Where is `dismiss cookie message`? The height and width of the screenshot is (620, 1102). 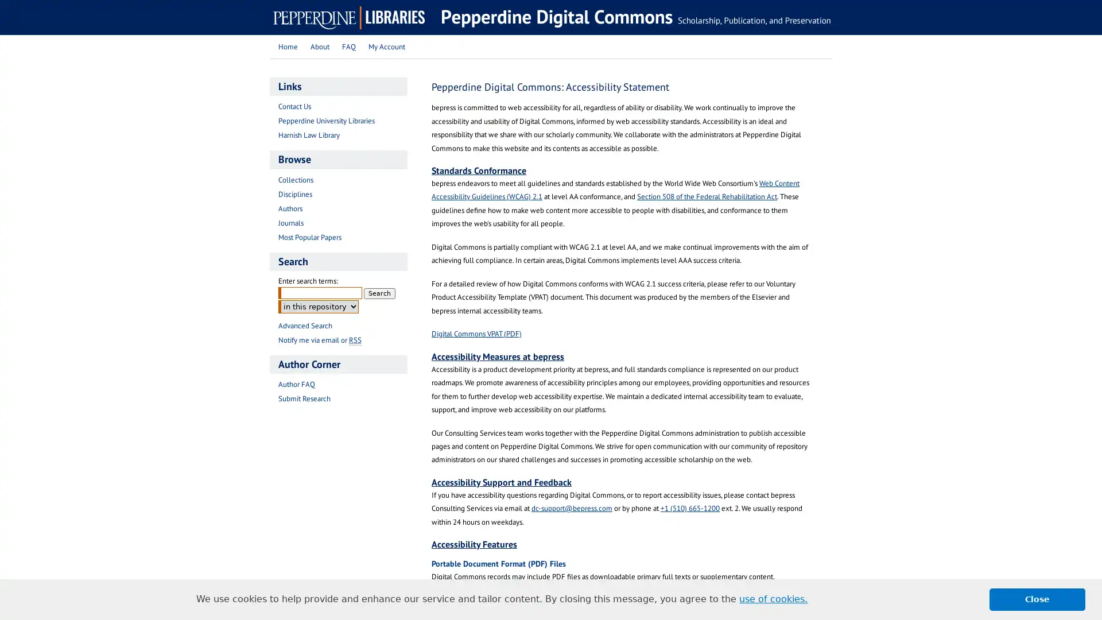 dismiss cookie message is located at coordinates (1037, 599).